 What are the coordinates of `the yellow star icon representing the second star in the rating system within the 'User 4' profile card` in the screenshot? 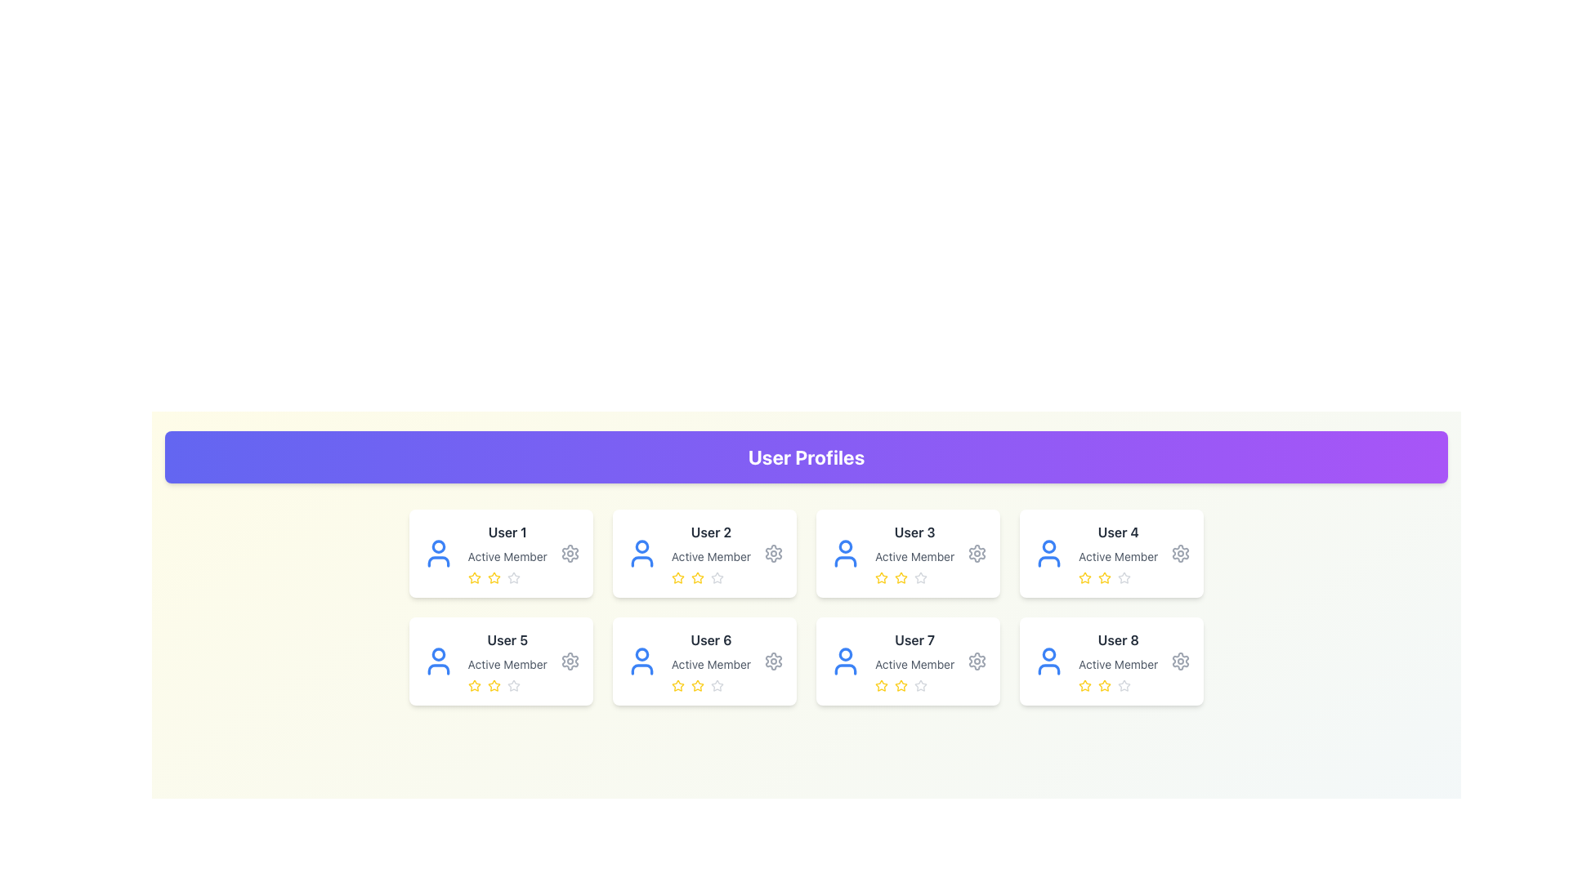 It's located at (1105, 577).